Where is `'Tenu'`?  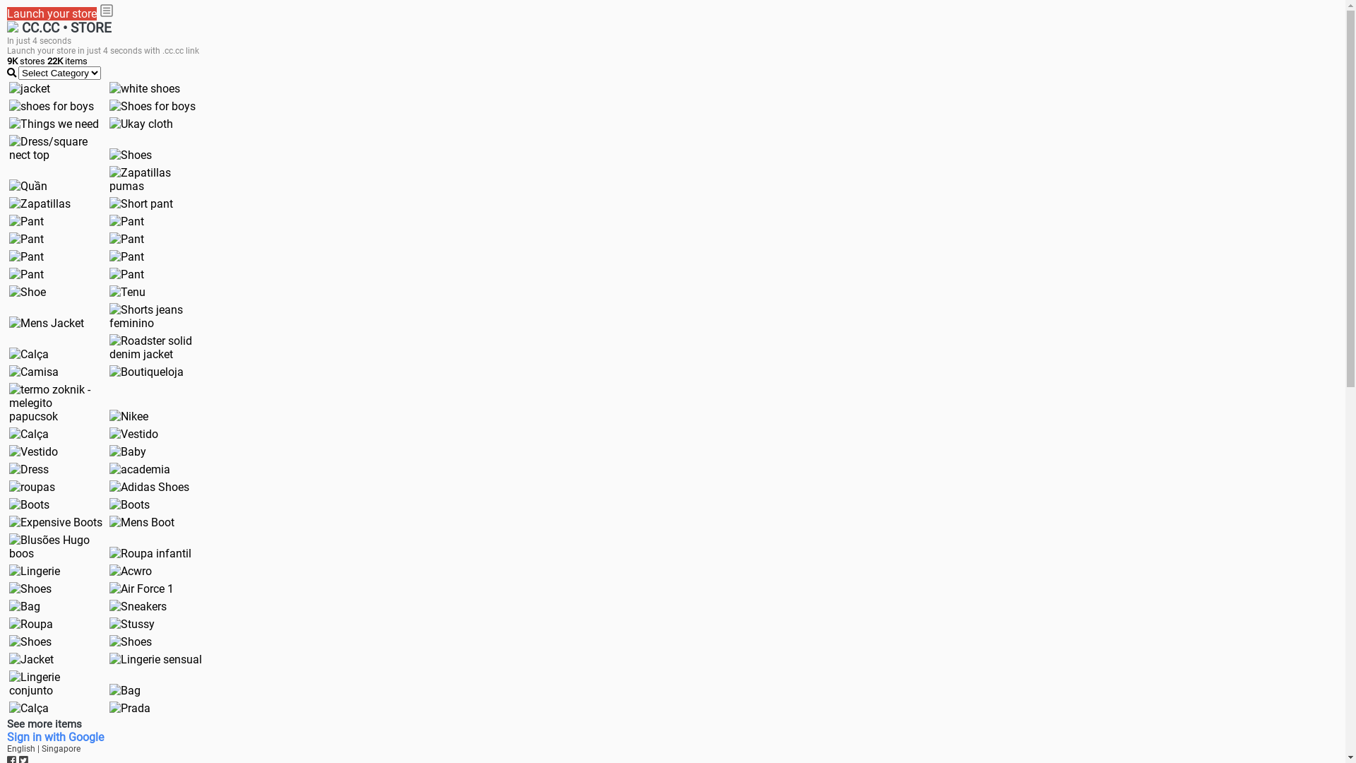
'Tenu' is located at coordinates (127, 291).